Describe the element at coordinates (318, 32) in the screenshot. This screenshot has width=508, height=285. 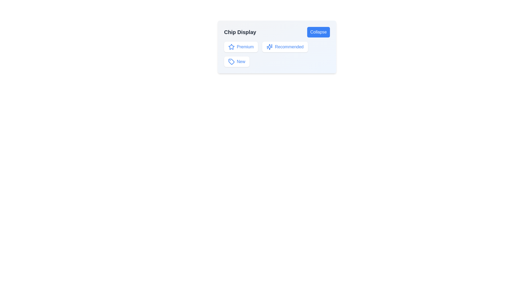
I see `the 'Collapse' button to toggle the chip display` at that location.